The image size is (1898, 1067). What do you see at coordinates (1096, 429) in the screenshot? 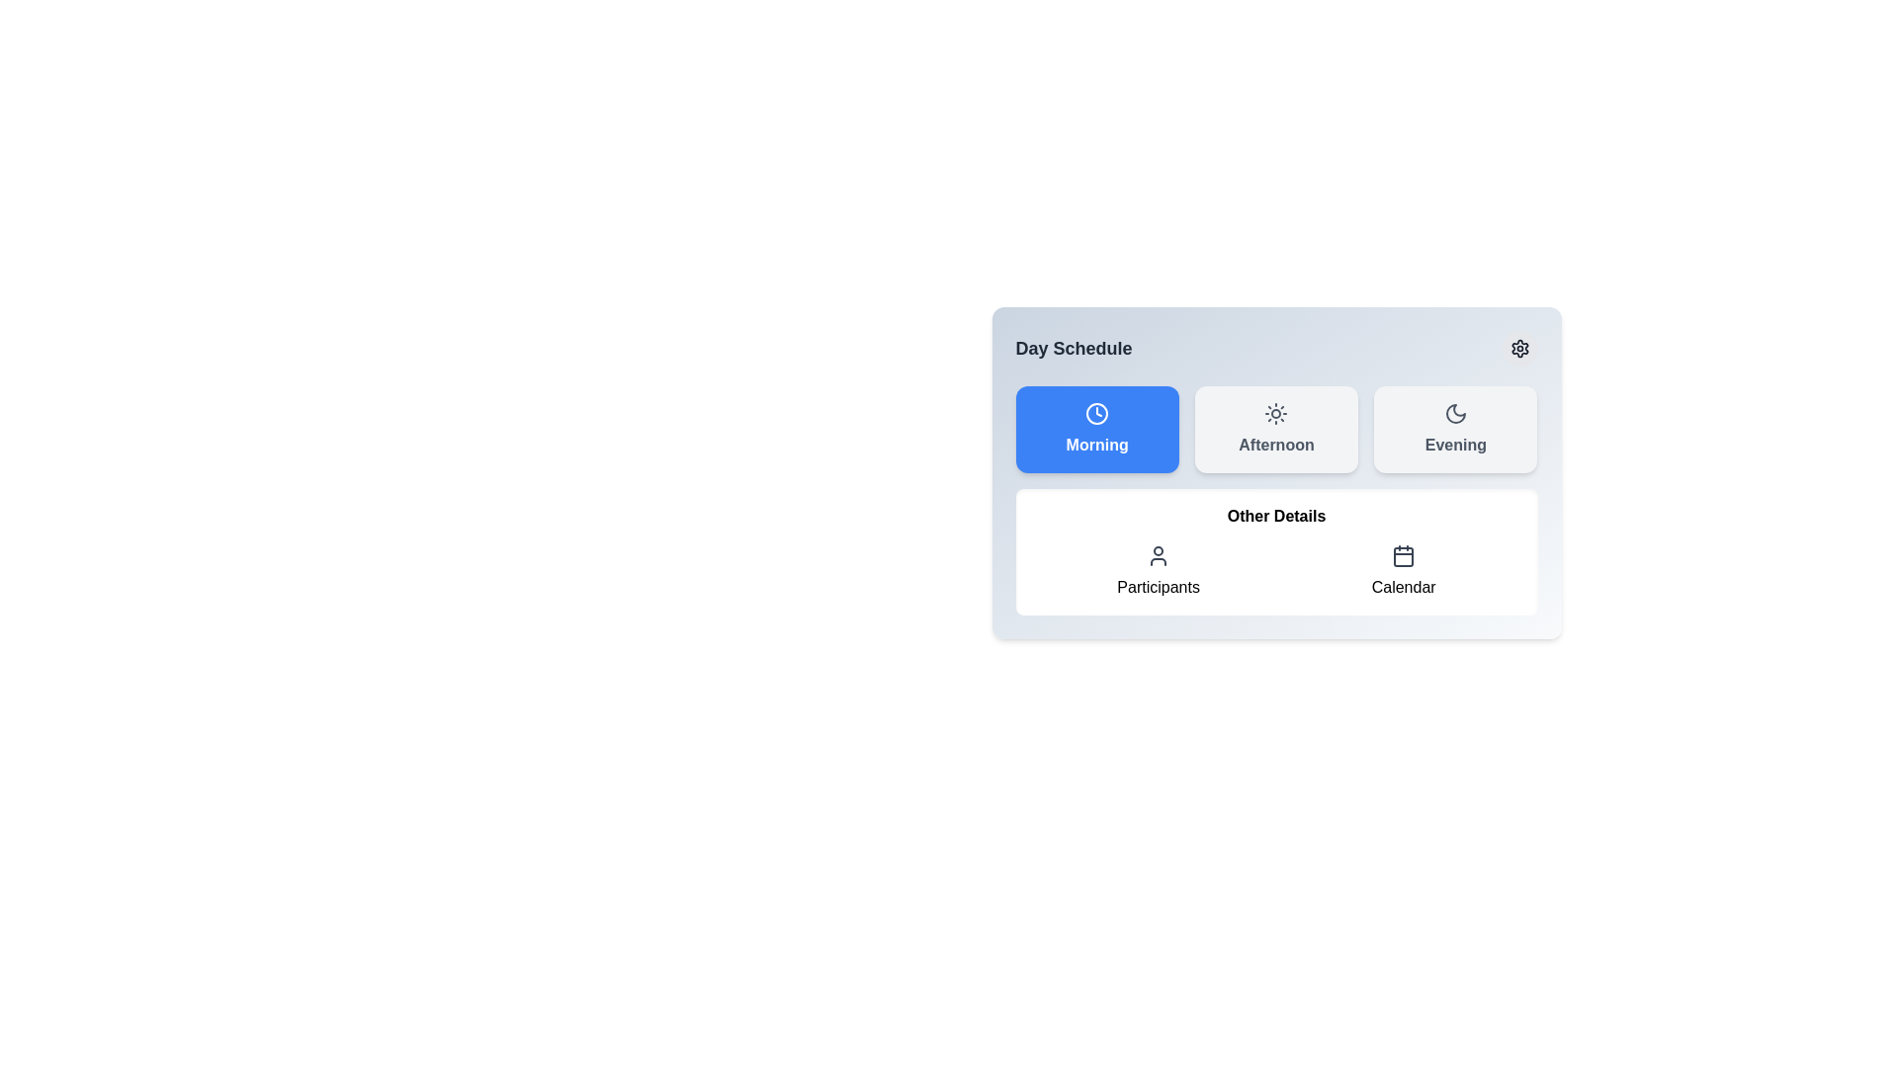
I see `the blue rectangular button with rounded corners containing a white clock icon and the text 'Morning' in bold white font` at bounding box center [1096, 429].